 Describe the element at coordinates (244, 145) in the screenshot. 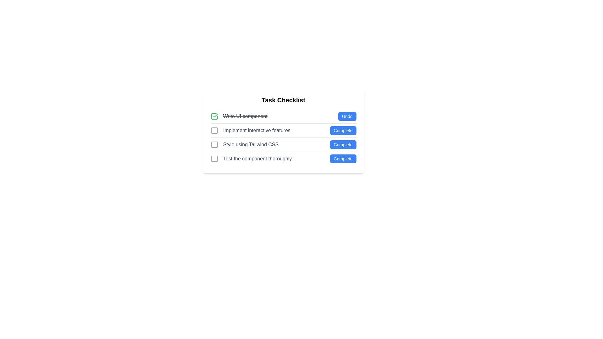

I see `the checkbox associated with the task 'Style using Tailwind CSS' to trigger potential highlighting effects` at that location.